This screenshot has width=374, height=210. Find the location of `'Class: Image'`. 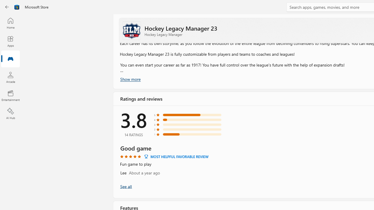

'Class: Image' is located at coordinates (17, 7).